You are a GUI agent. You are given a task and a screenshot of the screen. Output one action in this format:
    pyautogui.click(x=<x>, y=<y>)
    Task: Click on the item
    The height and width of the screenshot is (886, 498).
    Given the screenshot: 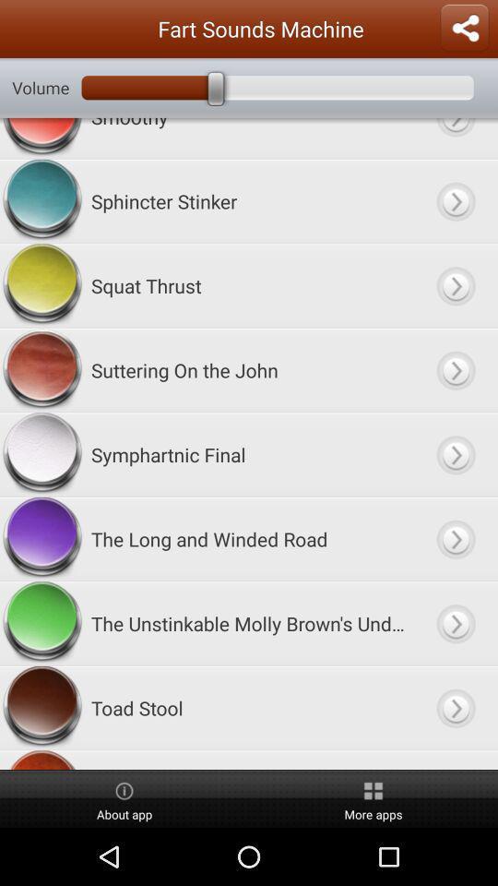 What is the action you would take?
    pyautogui.click(x=455, y=285)
    